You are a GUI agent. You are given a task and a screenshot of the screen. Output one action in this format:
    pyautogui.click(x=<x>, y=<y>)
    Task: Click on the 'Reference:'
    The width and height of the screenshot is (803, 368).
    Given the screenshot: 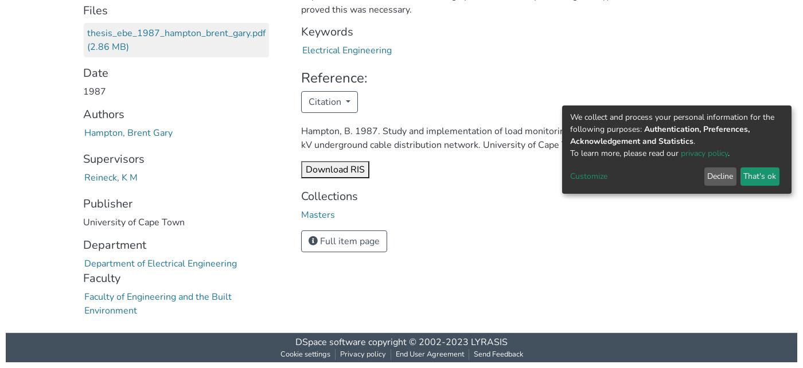 What is the action you would take?
    pyautogui.click(x=334, y=77)
    